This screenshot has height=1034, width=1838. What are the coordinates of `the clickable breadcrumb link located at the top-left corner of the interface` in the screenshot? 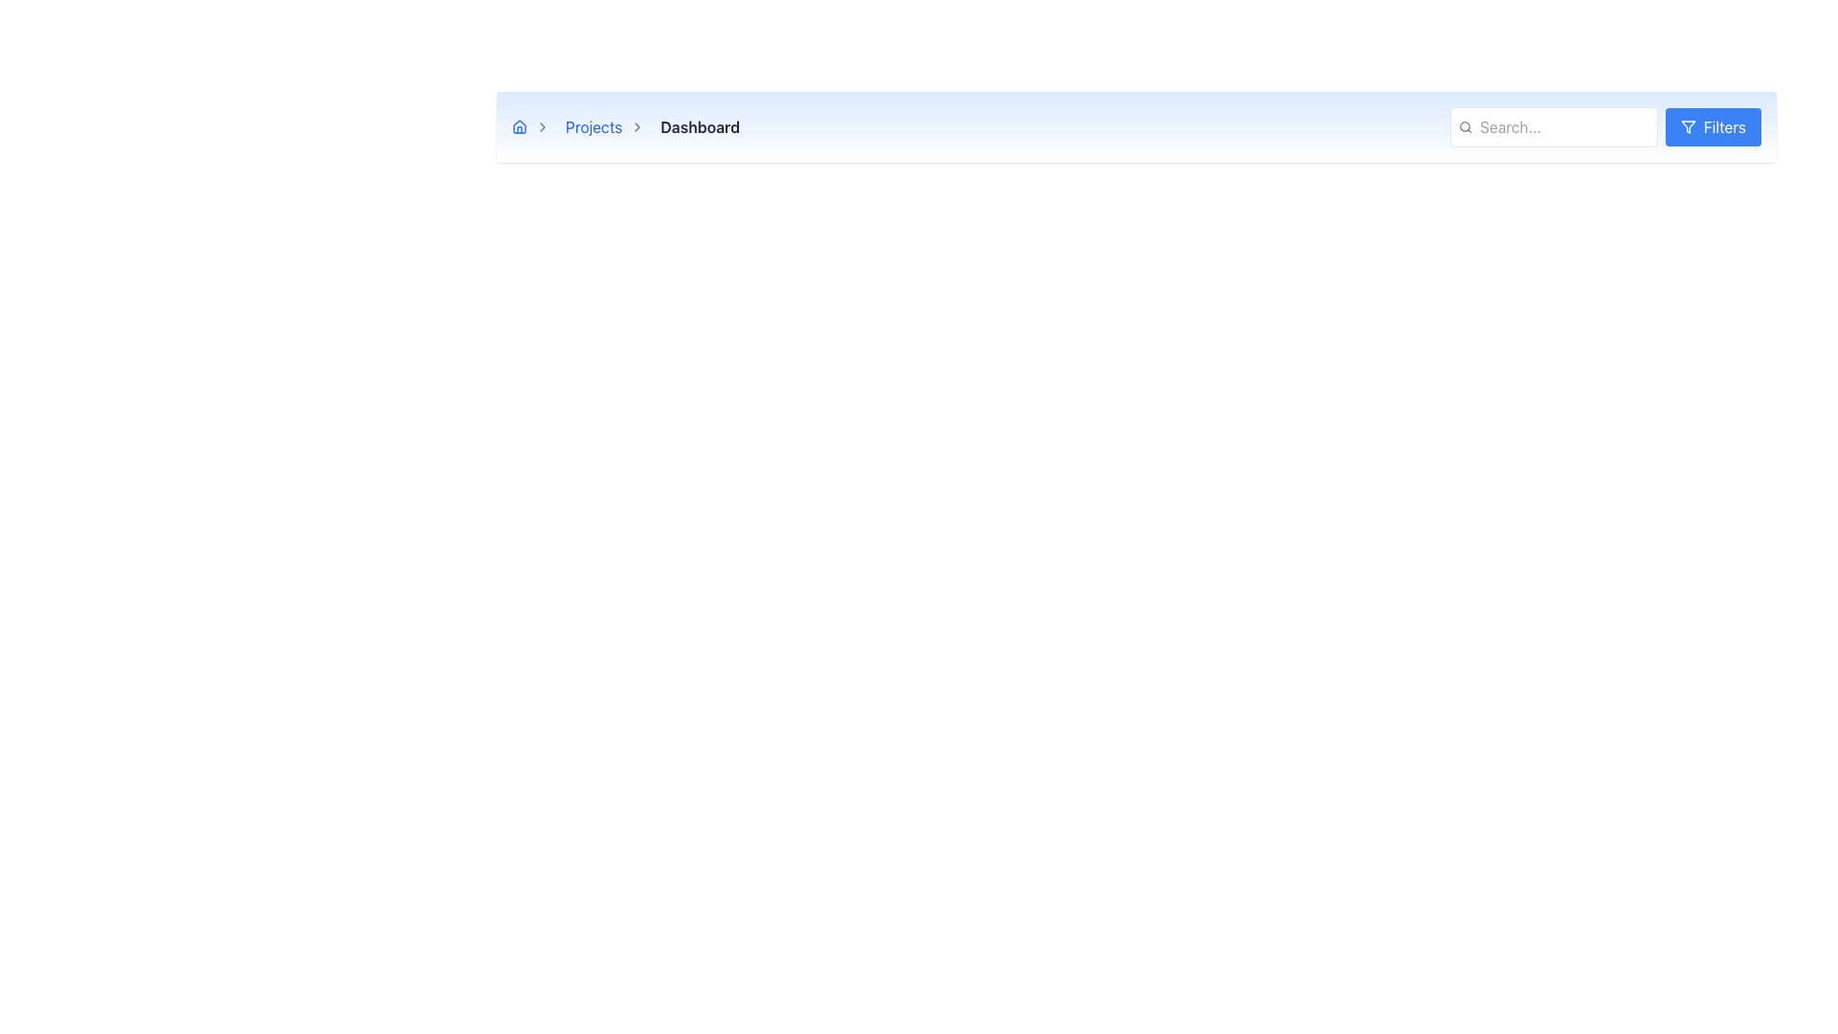 It's located at (519, 126).